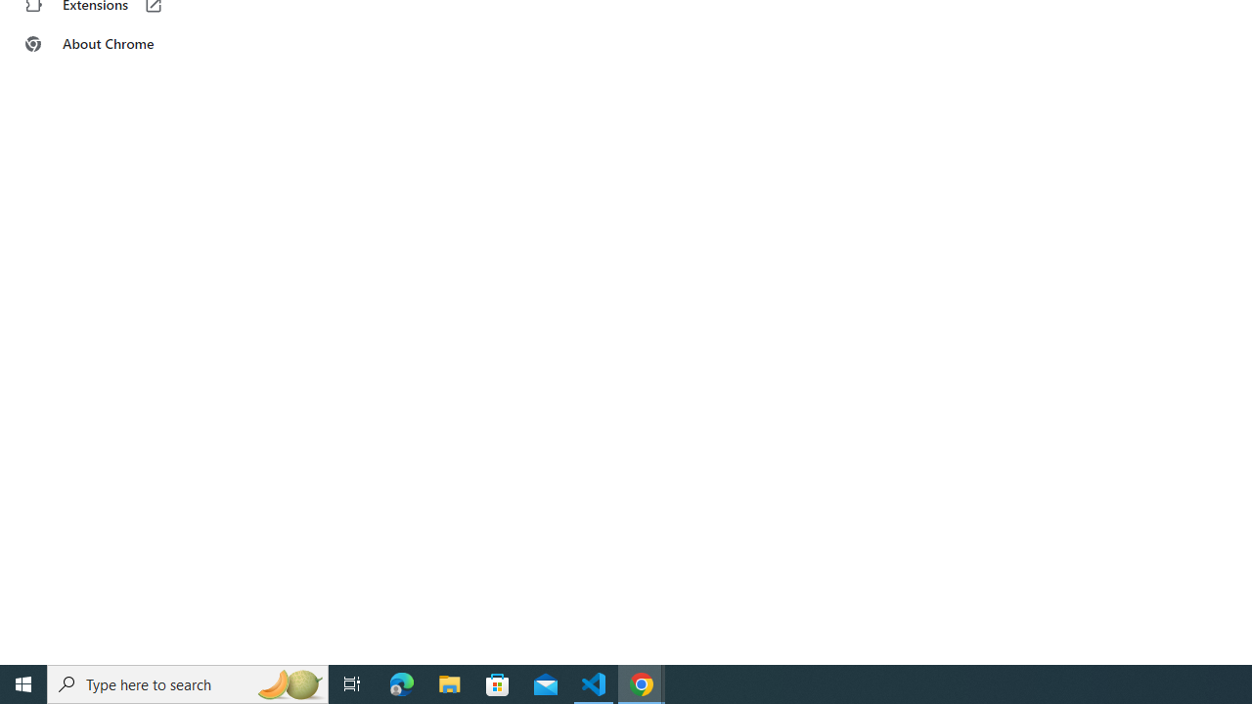 The image size is (1252, 704). Describe the element at coordinates (23, 682) in the screenshot. I see `'Start'` at that location.